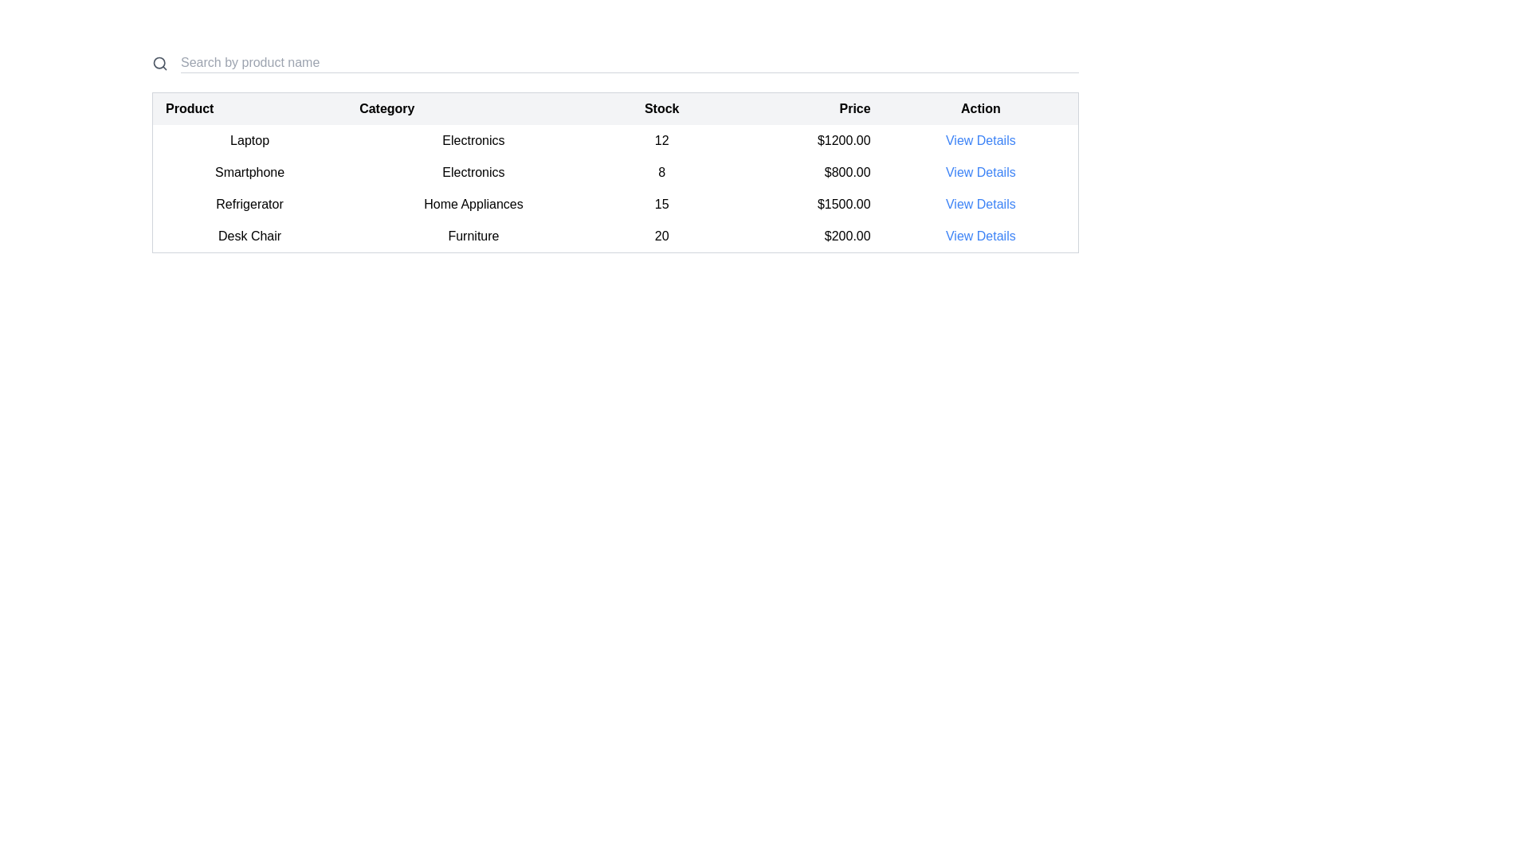 The width and height of the screenshot is (1530, 860). What do you see at coordinates (980, 140) in the screenshot?
I see `the 'View Details' hyperlink in the first row of the table under the 'Action' column for the product 'Laptop'` at bounding box center [980, 140].